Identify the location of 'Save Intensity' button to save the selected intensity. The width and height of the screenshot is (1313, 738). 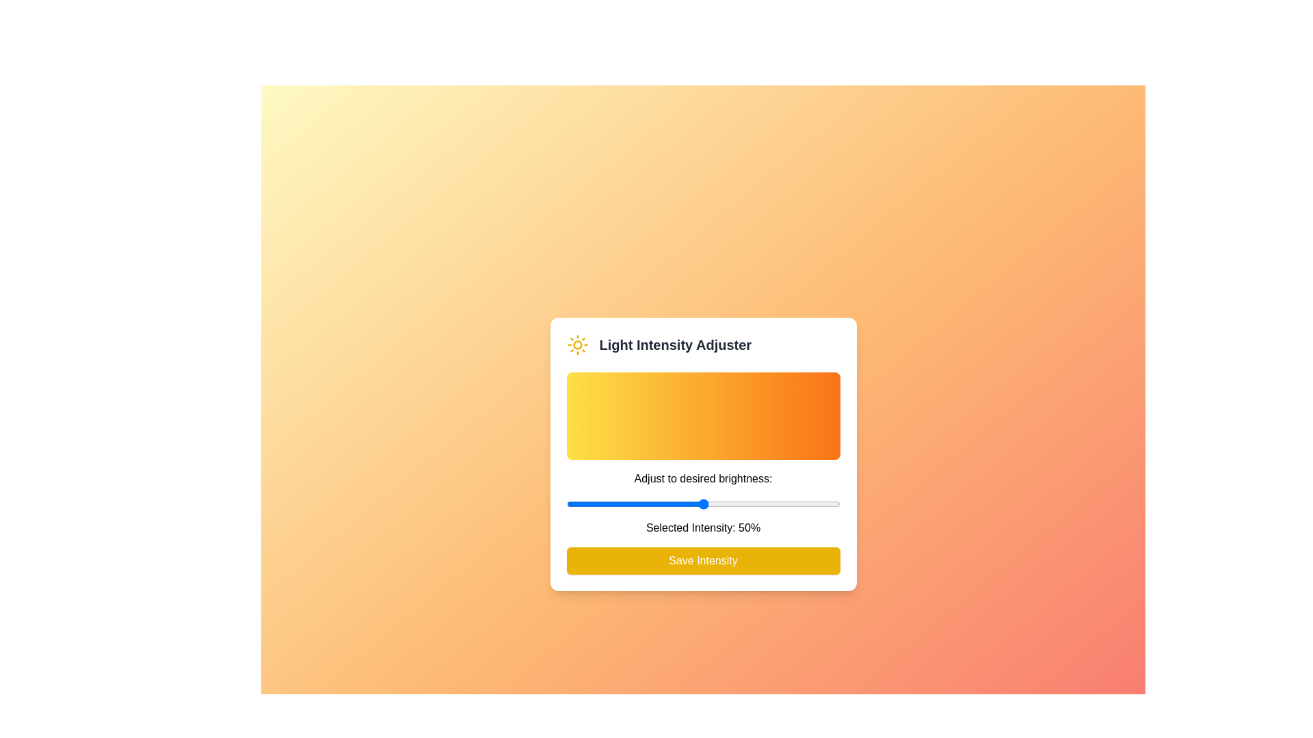
(703, 561).